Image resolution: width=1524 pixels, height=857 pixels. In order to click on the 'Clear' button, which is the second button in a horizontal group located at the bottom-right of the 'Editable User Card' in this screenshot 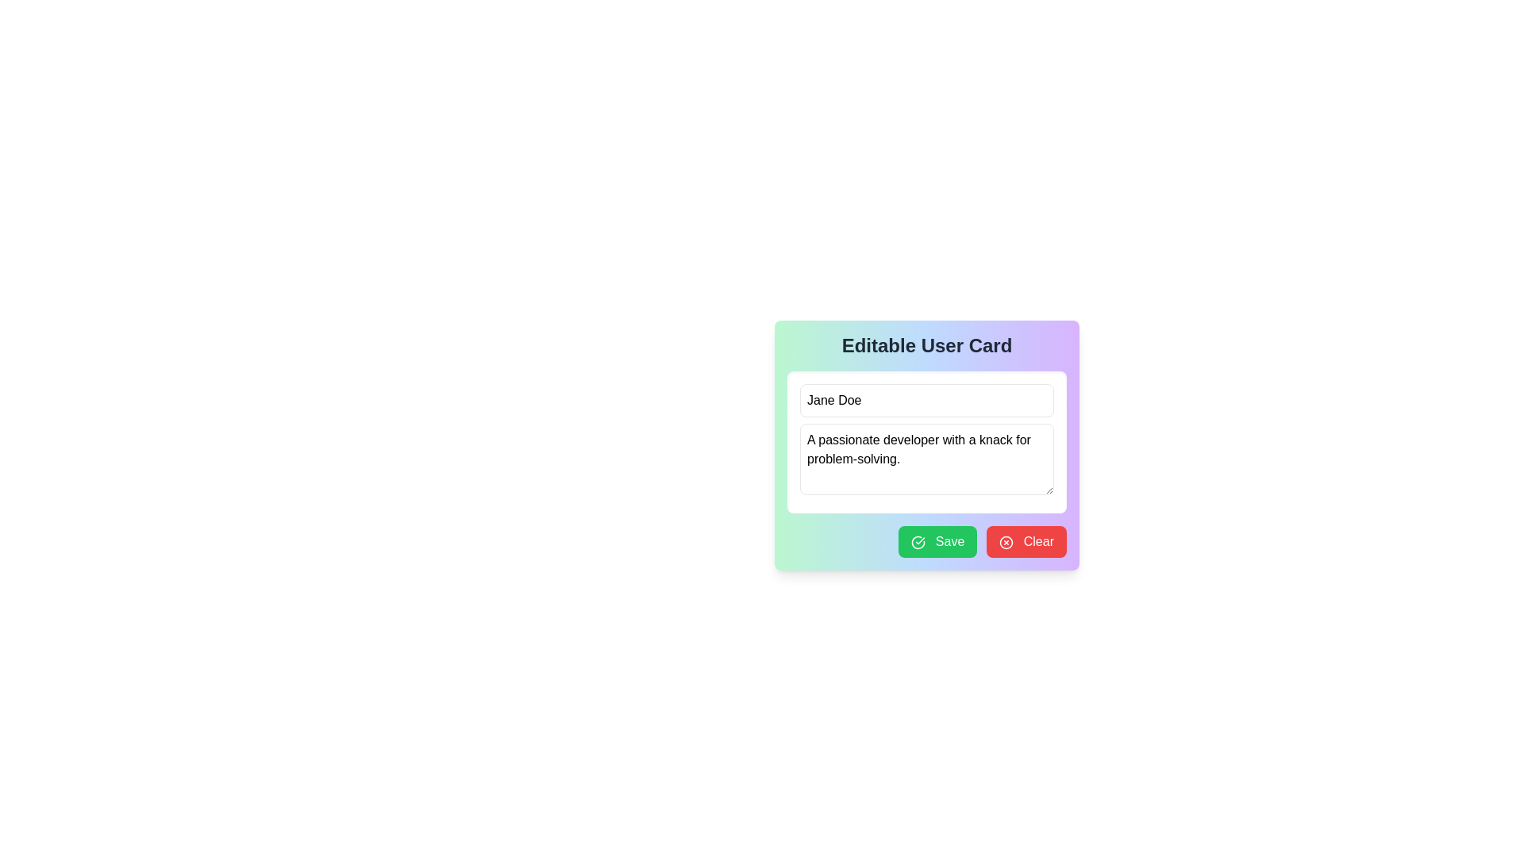, I will do `click(1026, 540)`.